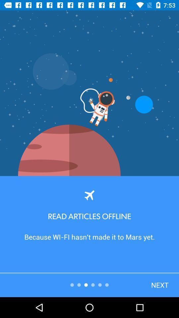  Describe the element at coordinates (89, 195) in the screenshot. I see `top of read articles offline` at that location.